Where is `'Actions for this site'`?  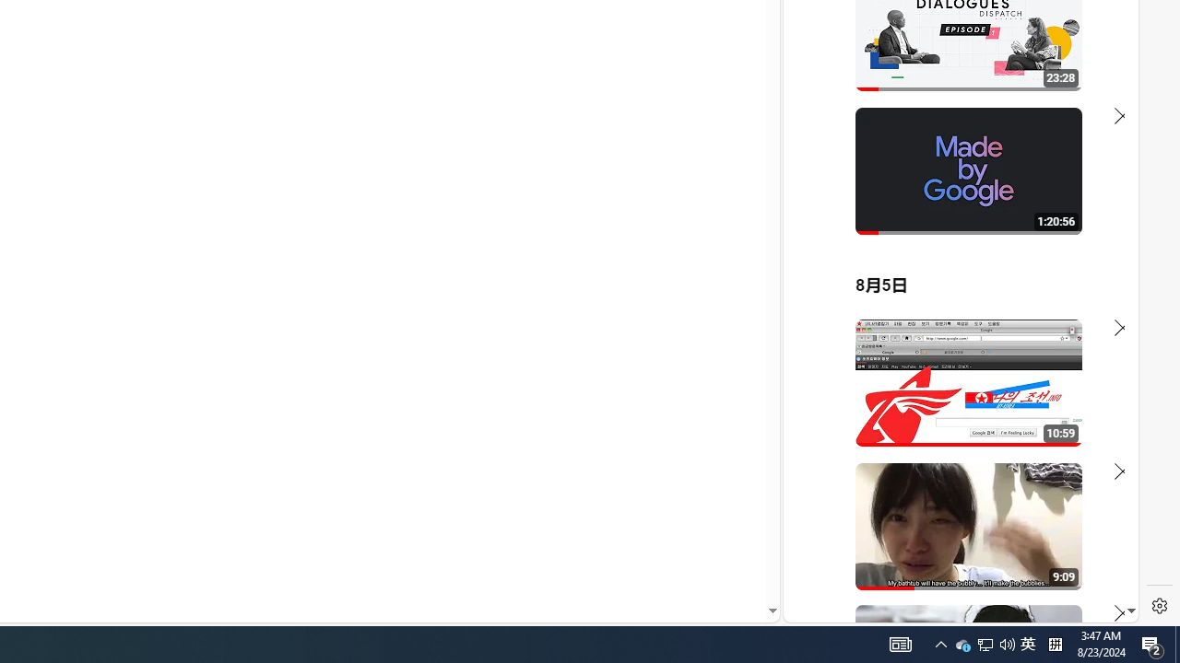
'Actions for this site' is located at coordinates (1043, 407).